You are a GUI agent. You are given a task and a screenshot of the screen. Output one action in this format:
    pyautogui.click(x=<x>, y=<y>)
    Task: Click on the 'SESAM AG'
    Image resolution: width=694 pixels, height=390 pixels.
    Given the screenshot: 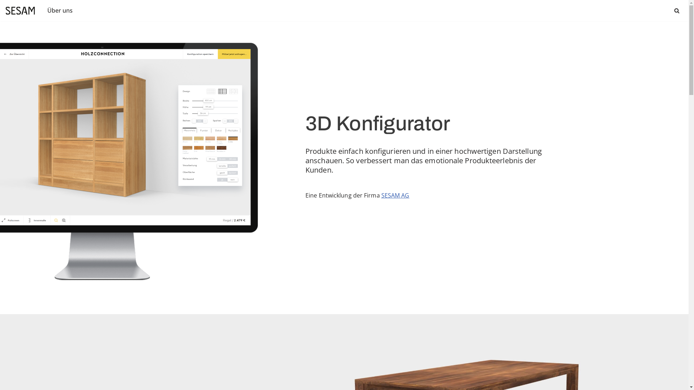 What is the action you would take?
    pyautogui.click(x=395, y=195)
    